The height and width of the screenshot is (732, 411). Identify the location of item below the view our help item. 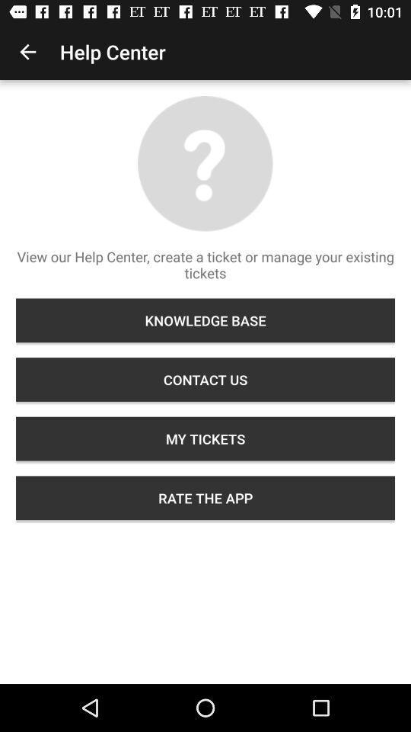
(205, 319).